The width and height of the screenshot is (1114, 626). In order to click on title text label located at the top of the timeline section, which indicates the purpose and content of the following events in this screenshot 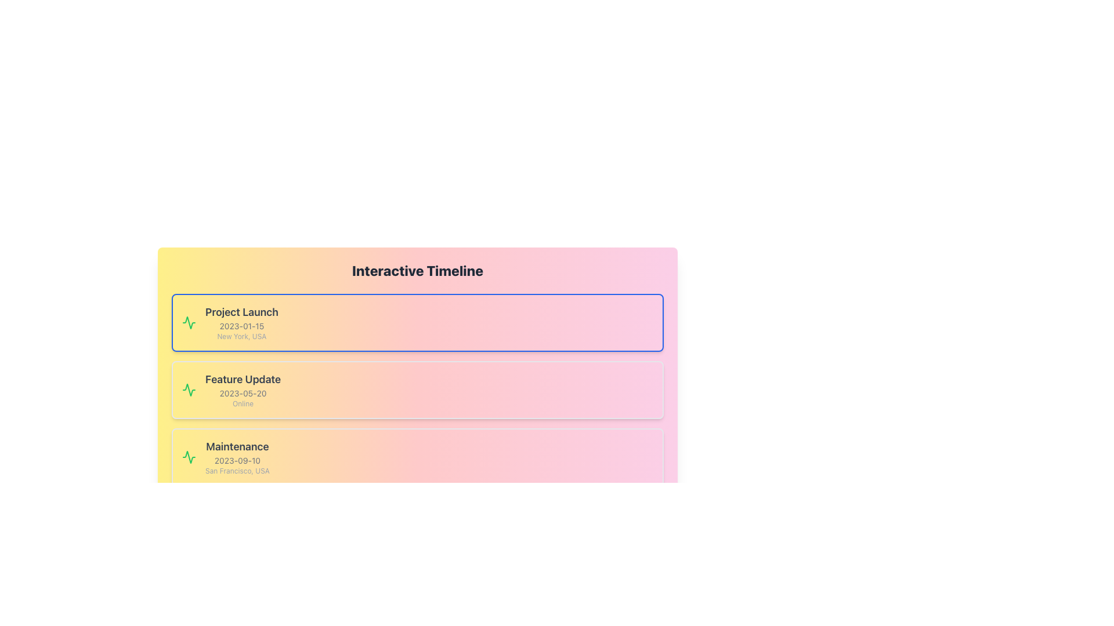, I will do `click(418, 270)`.